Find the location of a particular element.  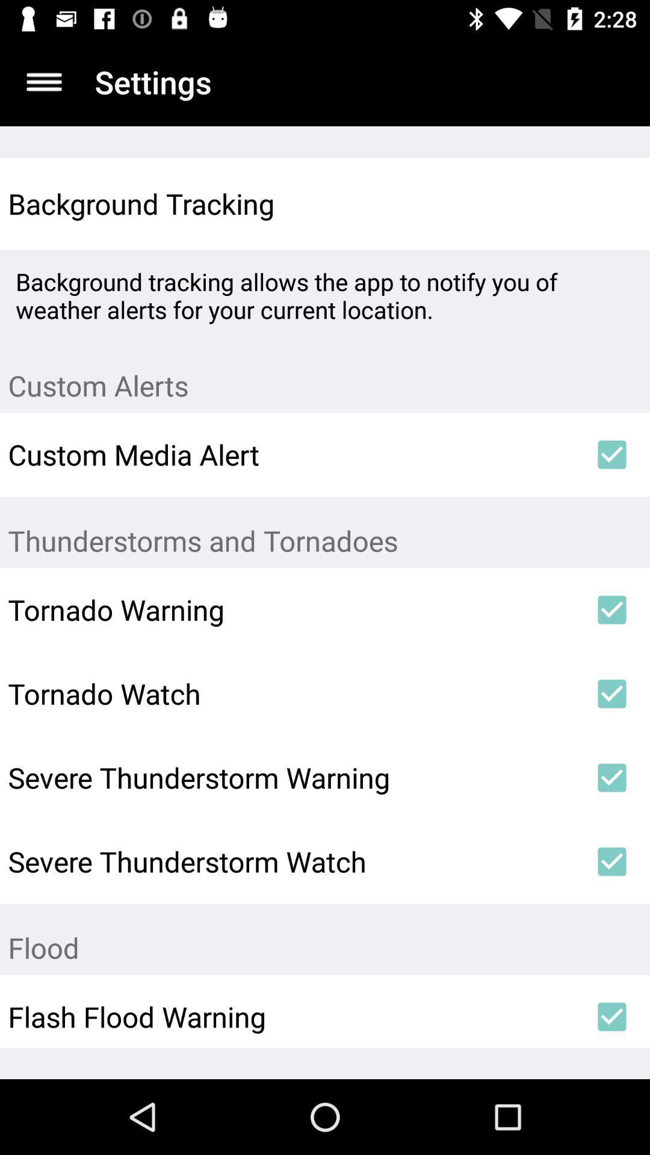

item to the left of settings item is located at coordinates (43, 81).